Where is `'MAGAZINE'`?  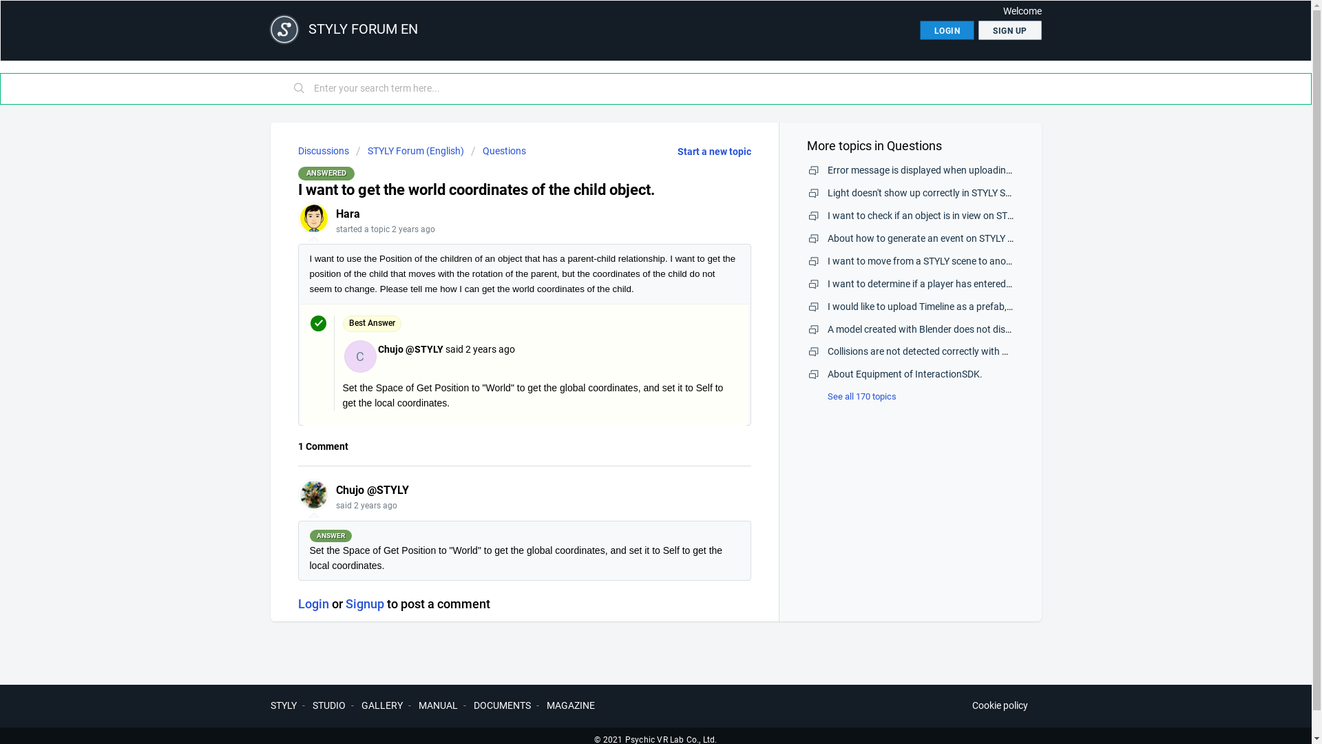
'MAGAZINE' is located at coordinates (545, 705).